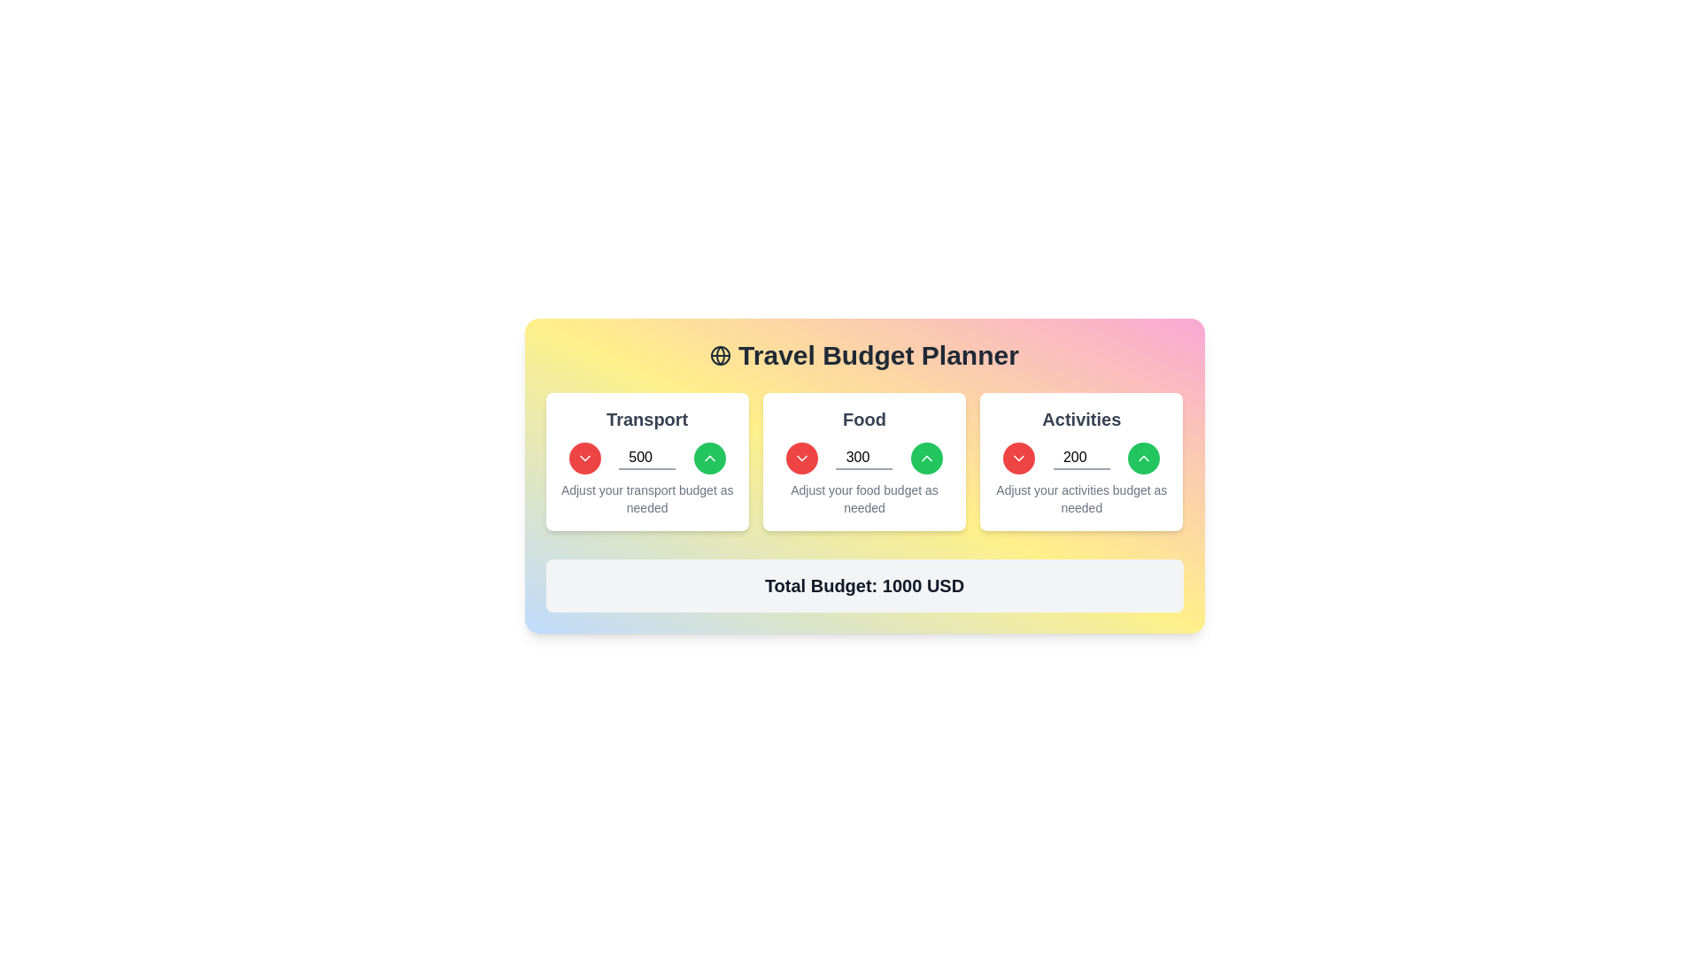 This screenshot has width=1700, height=956. Describe the element at coordinates (721, 355) in the screenshot. I see `the SVG circle icon that symbolizes global travel or planning, located next to the 'Travel Budget Planner' title` at that location.